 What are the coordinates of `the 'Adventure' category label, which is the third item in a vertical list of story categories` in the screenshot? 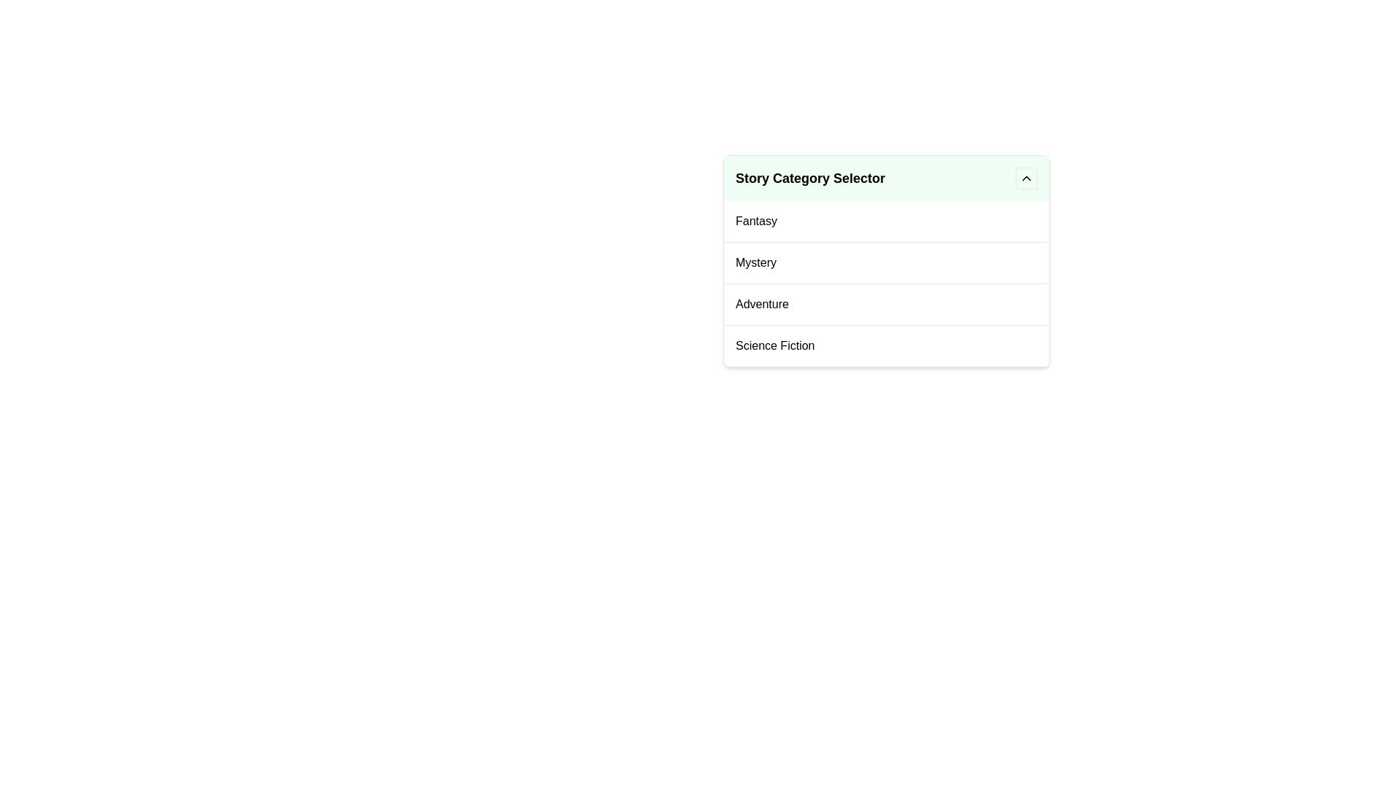 It's located at (761, 303).